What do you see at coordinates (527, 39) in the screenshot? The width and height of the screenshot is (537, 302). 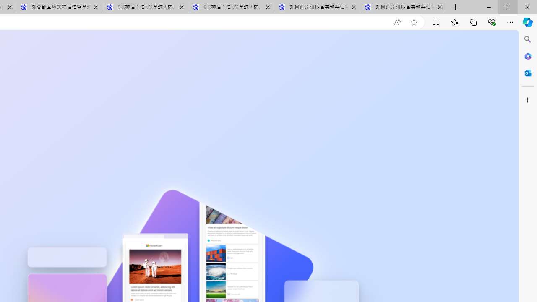 I see `'Search'` at bounding box center [527, 39].